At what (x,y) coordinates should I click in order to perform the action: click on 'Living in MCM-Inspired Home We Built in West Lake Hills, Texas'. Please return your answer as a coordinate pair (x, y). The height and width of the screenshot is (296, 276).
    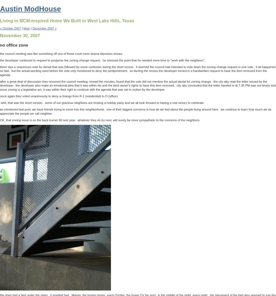
    Looking at the image, I should click on (67, 20).